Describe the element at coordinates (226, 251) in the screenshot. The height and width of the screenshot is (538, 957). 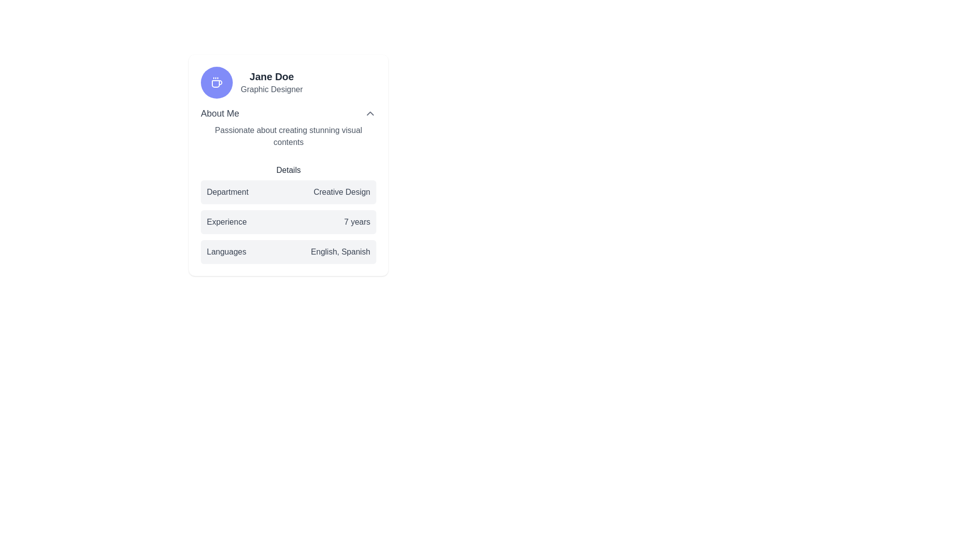
I see `the 'Languages' text label which is positioned on the left side of the section, displaying the word 'Languages' in bold or medium-weight font, for additional information` at that location.